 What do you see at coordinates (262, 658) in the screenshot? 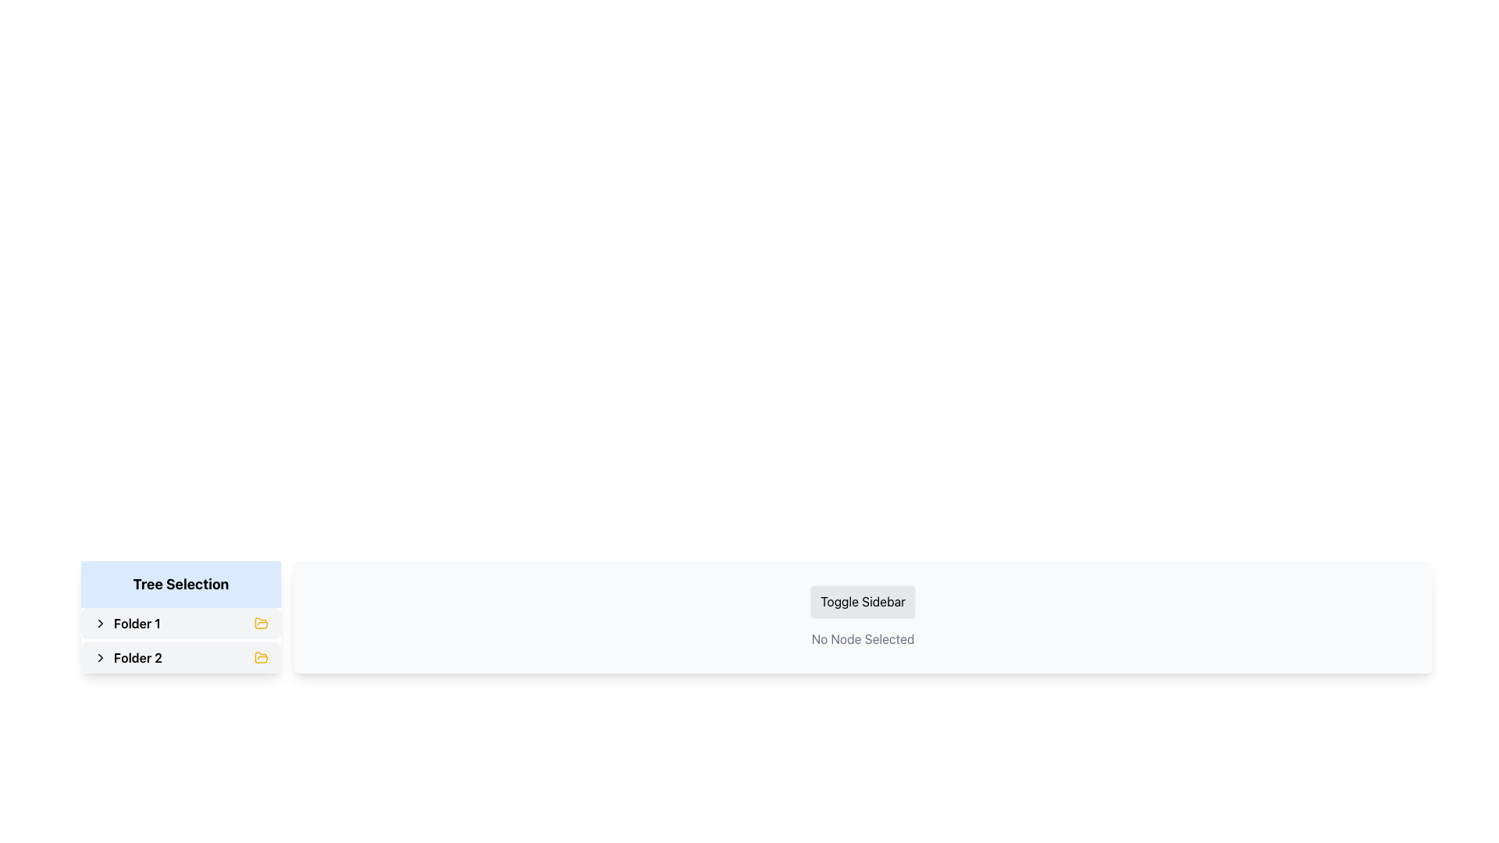
I see `the open folder icon associated with 'Folder 2' in the Tree Selection list` at bounding box center [262, 658].